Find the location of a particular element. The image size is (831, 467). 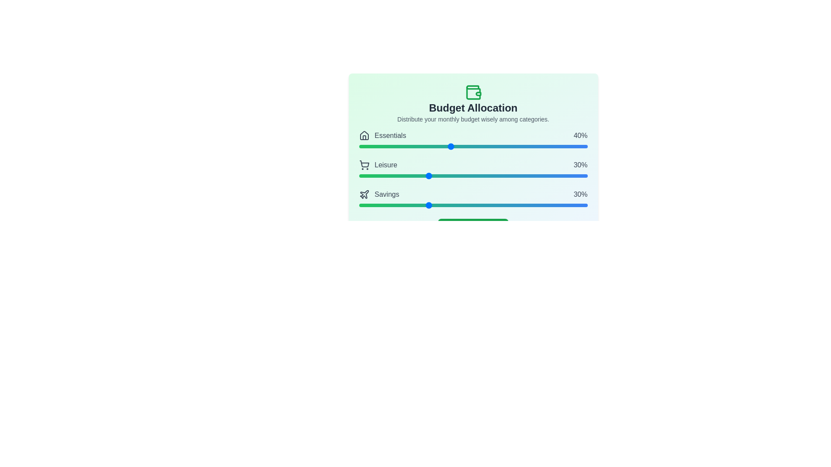

the 'Essentials' slider to 18% allocation is located at coordinates (399, 146).